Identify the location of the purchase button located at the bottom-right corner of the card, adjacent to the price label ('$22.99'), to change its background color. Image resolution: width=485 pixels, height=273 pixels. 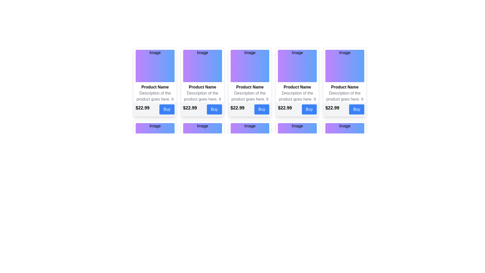
(309, 109).